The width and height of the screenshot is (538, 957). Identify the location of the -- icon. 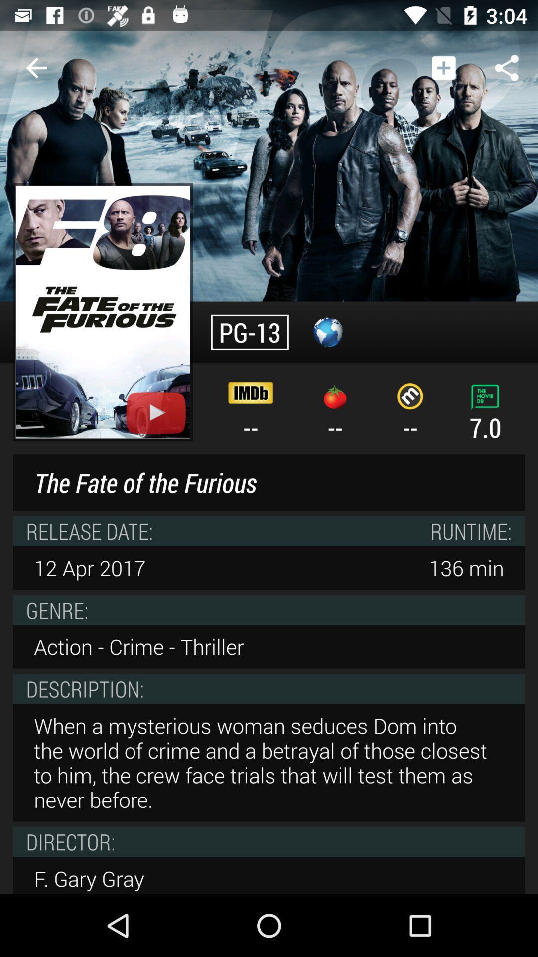
(250, 411).